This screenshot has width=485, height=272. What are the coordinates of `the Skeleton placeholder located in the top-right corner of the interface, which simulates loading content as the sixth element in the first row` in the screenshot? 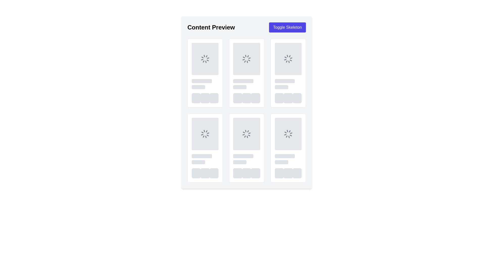 It's located at (288, 73).